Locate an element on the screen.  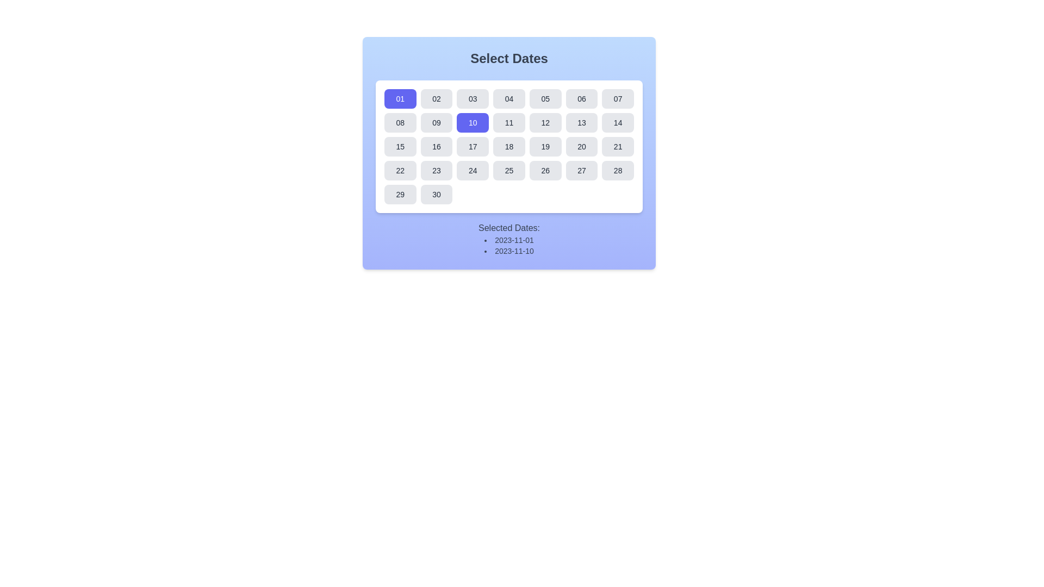
the third button in the top row of the grid layout within the calendar-style component is located at coordinates (473, 98).